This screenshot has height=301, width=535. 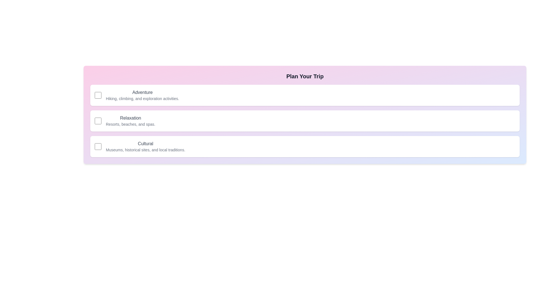 What do you see at coordinates (28, 28) in the screenshot?
I see `the background area outside the list items` at bounding box center [28, 28].